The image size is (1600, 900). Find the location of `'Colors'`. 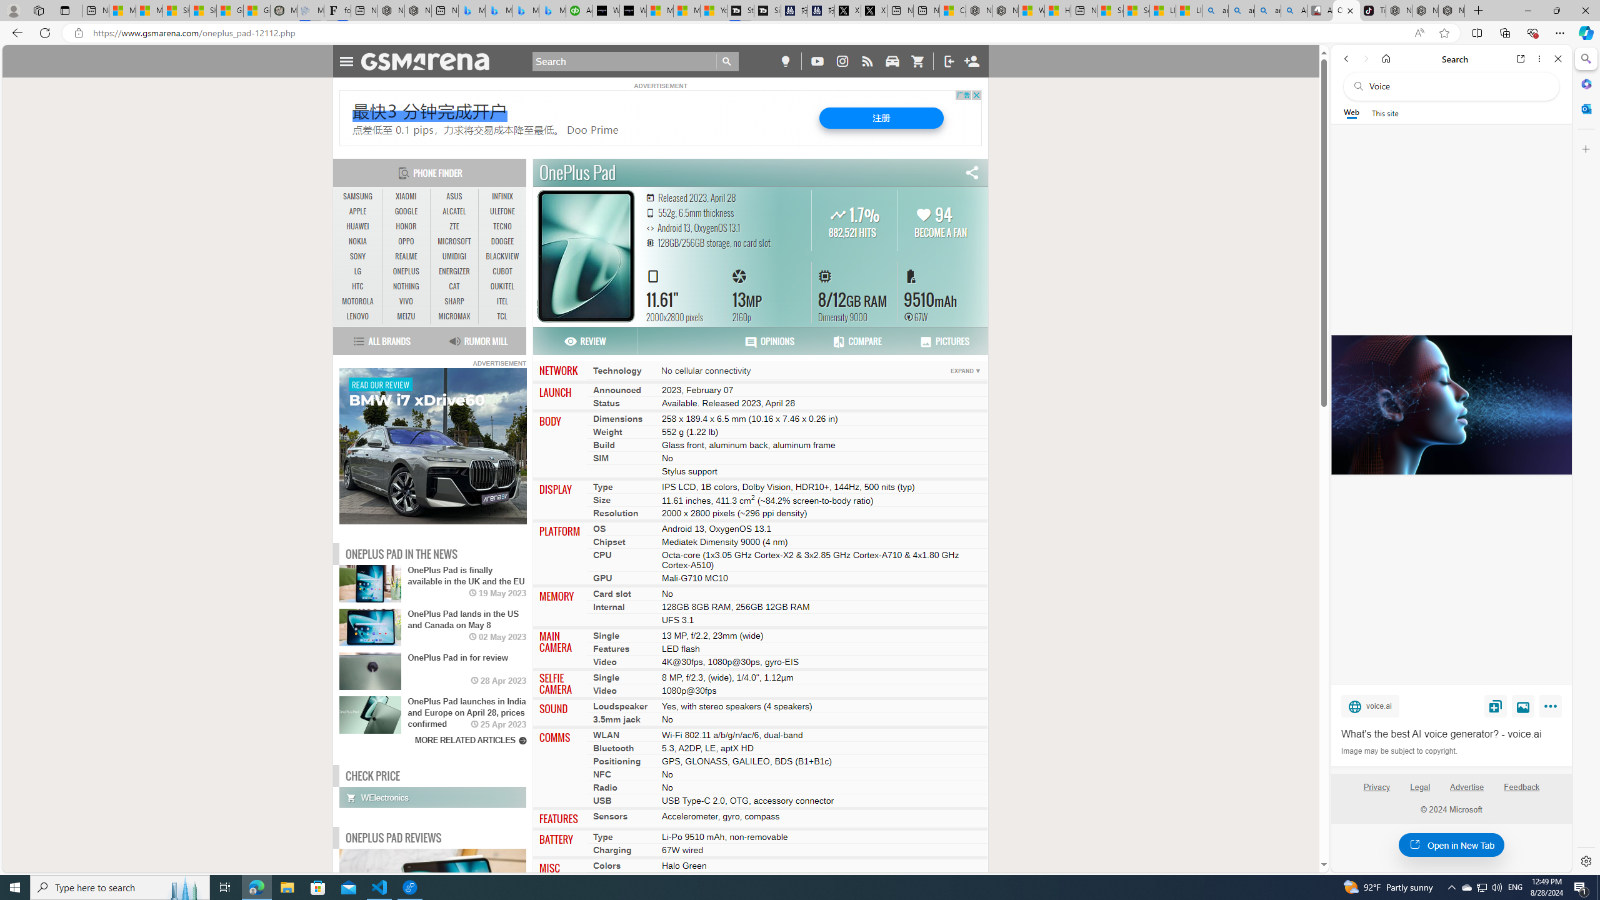

'Colors' is located at coordinates (606, 866).